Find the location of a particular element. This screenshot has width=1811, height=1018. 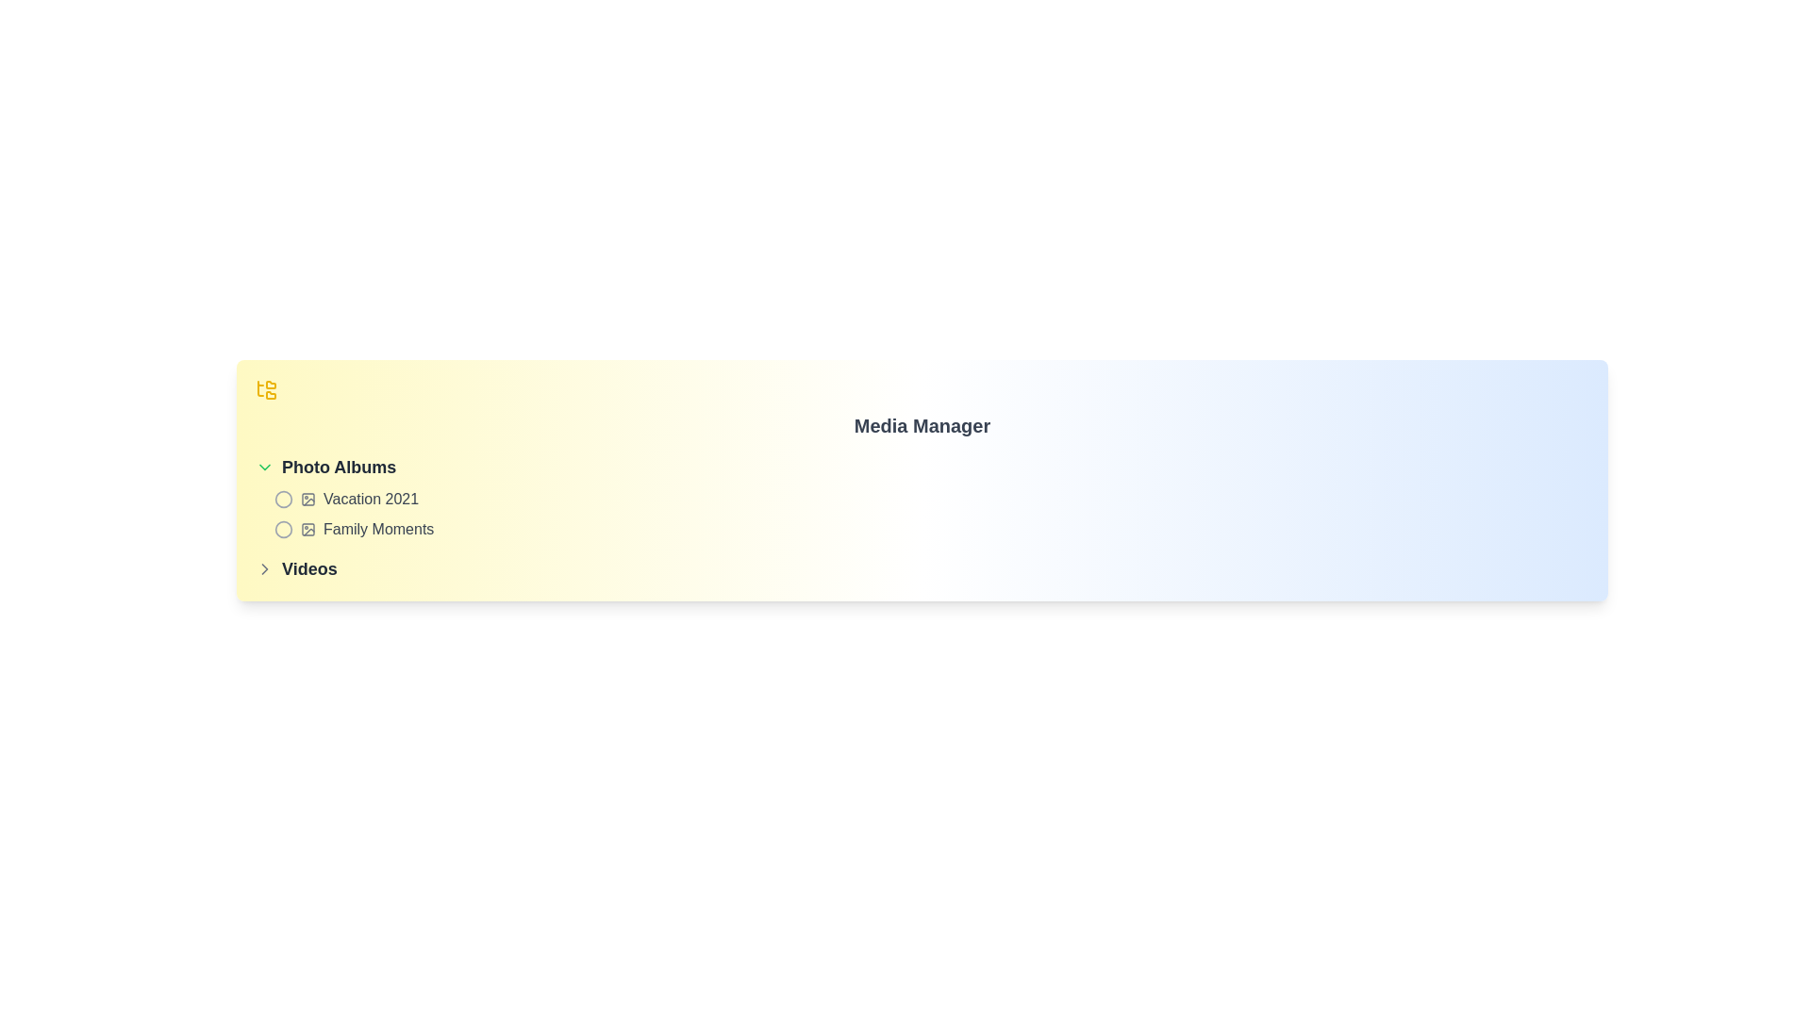

the unfilled circular checkbox styled icon associated with 'Vacation 2021' is located at coordinates (283, 498).